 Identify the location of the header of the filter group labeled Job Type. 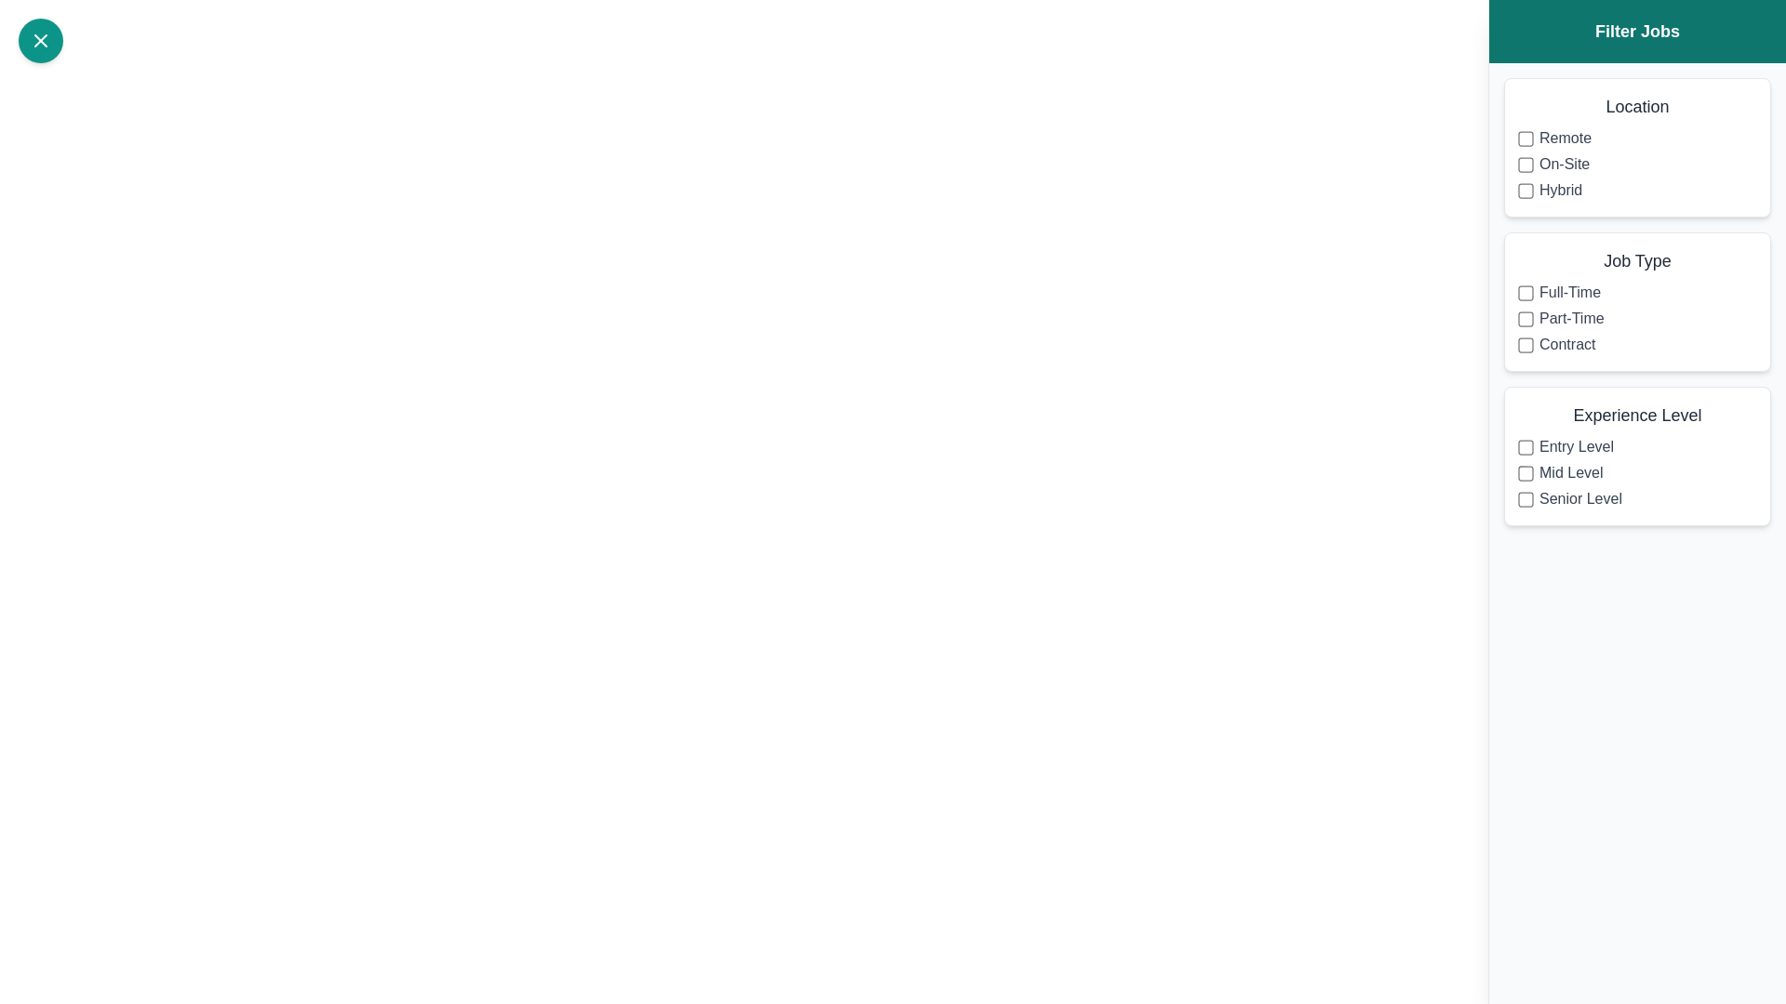
(1637, 261).